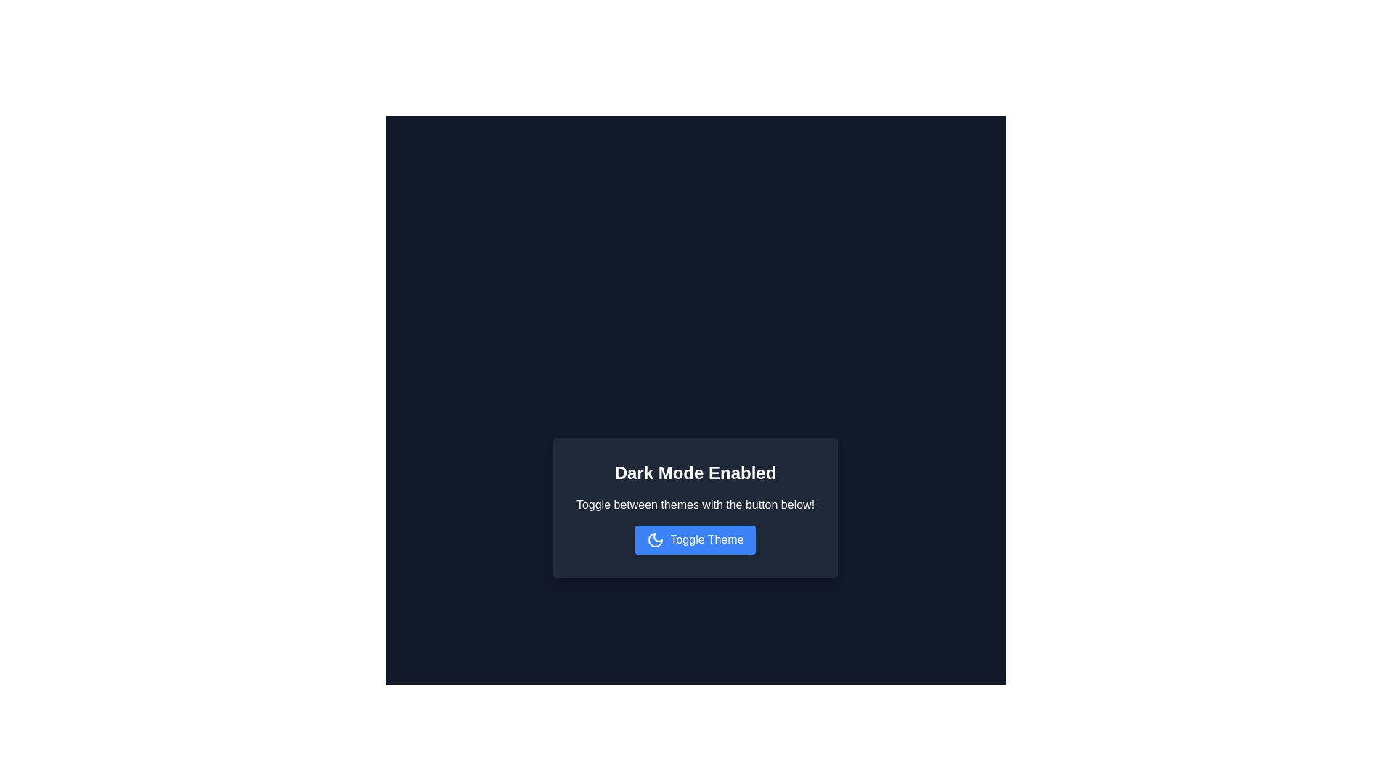 The width and height of the screenshot is (1394, 784). What do you see at coordinates (695, 504) in the screenshot?
I see `the instructive text guiding users to toggle themes, located below the heading 'Dark Mode Enabled' and above the 'Toggle Theme' button` at bounding box center [695, 504].